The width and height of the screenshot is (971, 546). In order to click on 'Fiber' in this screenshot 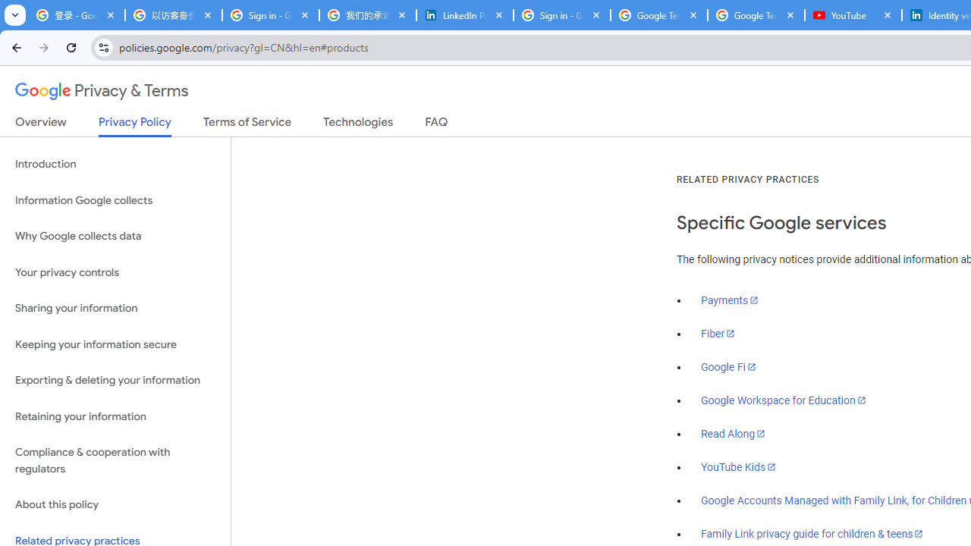, I will do `click(718, 333)`.